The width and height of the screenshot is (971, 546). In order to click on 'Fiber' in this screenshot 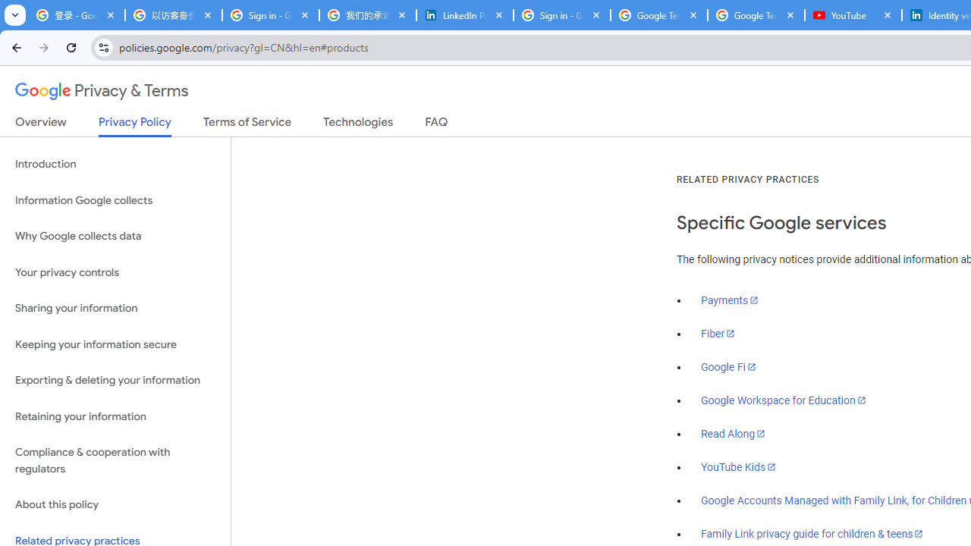, I will do `click(718, 333)`.